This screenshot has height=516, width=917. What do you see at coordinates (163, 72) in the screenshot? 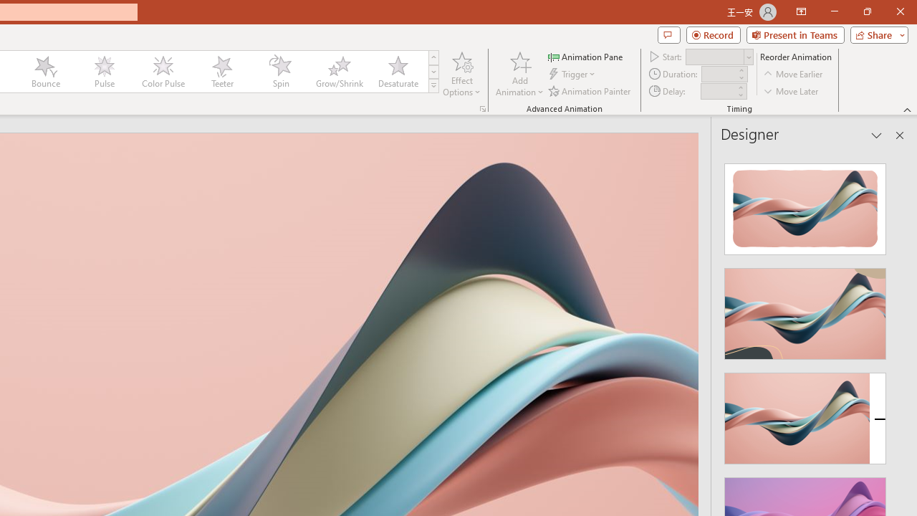
I see `'Color Pulse'` at bounding box center [163, 72].